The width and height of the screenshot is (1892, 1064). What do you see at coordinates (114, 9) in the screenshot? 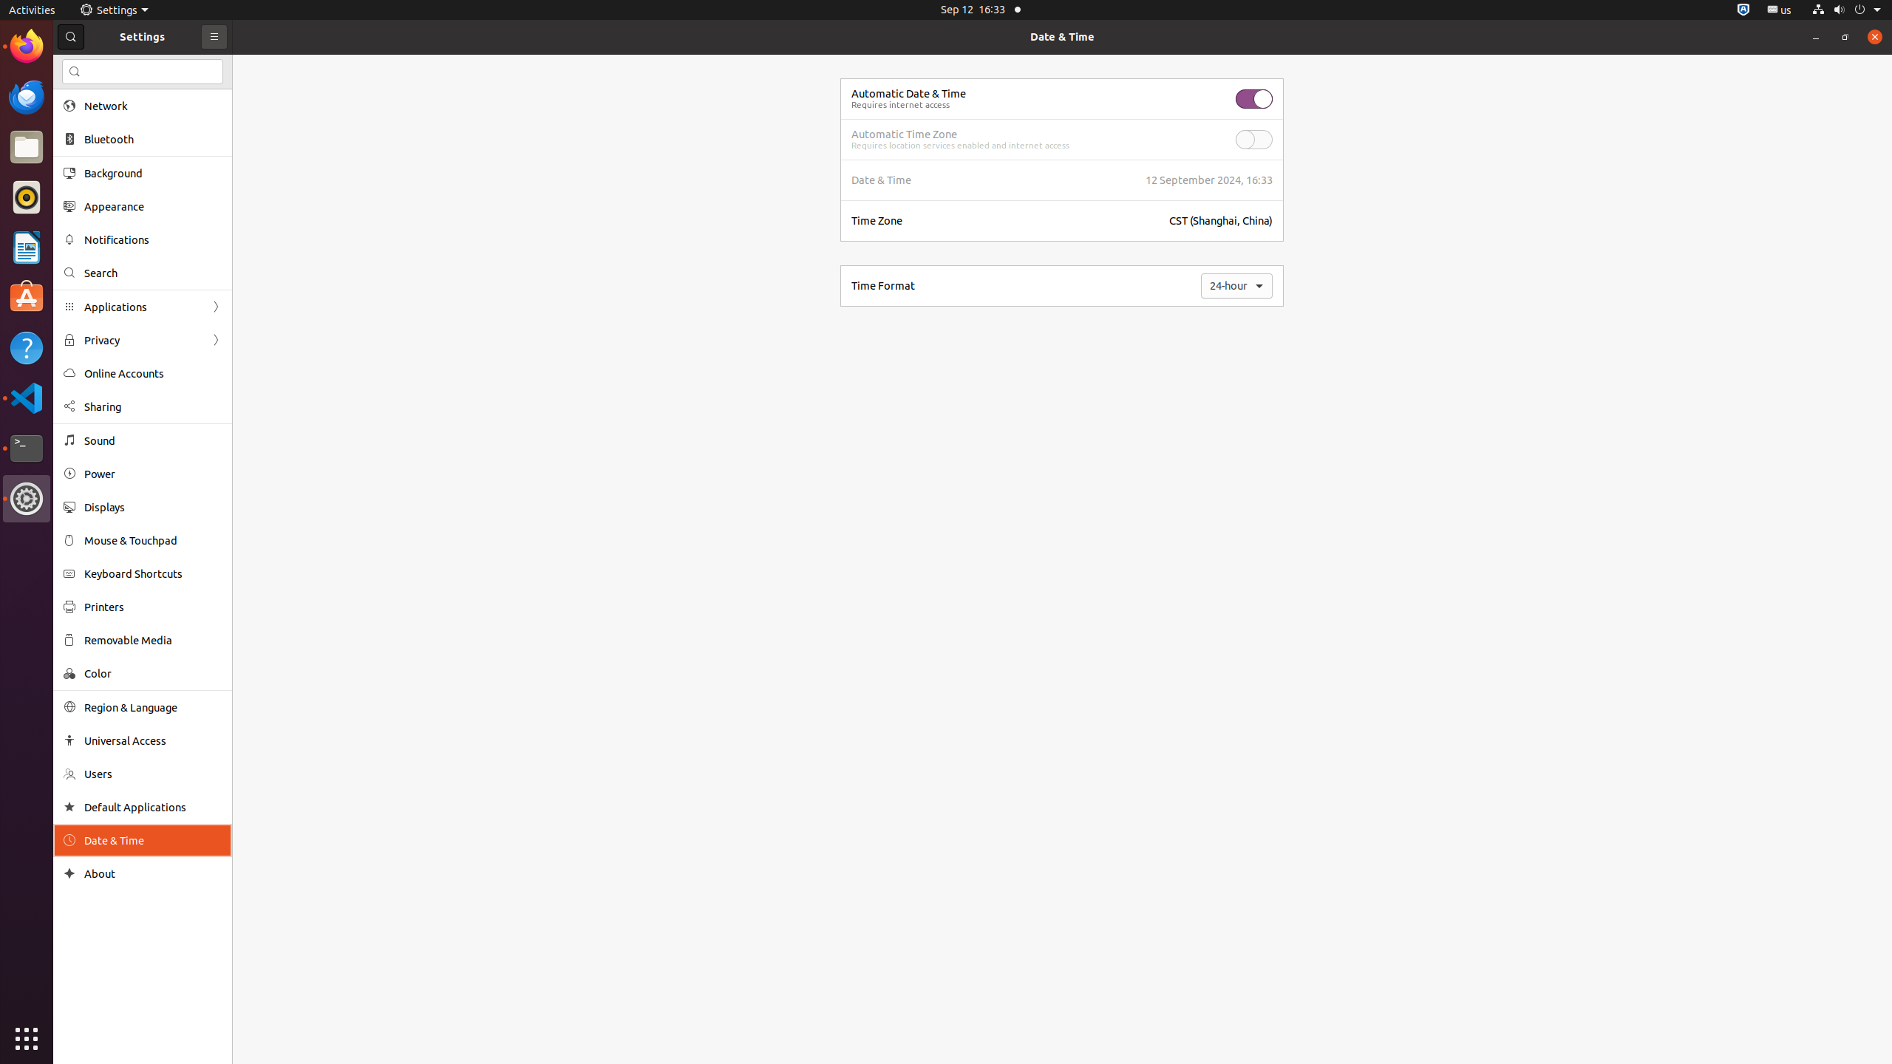
I see `'Settings'` at bounding box center [114, 9].